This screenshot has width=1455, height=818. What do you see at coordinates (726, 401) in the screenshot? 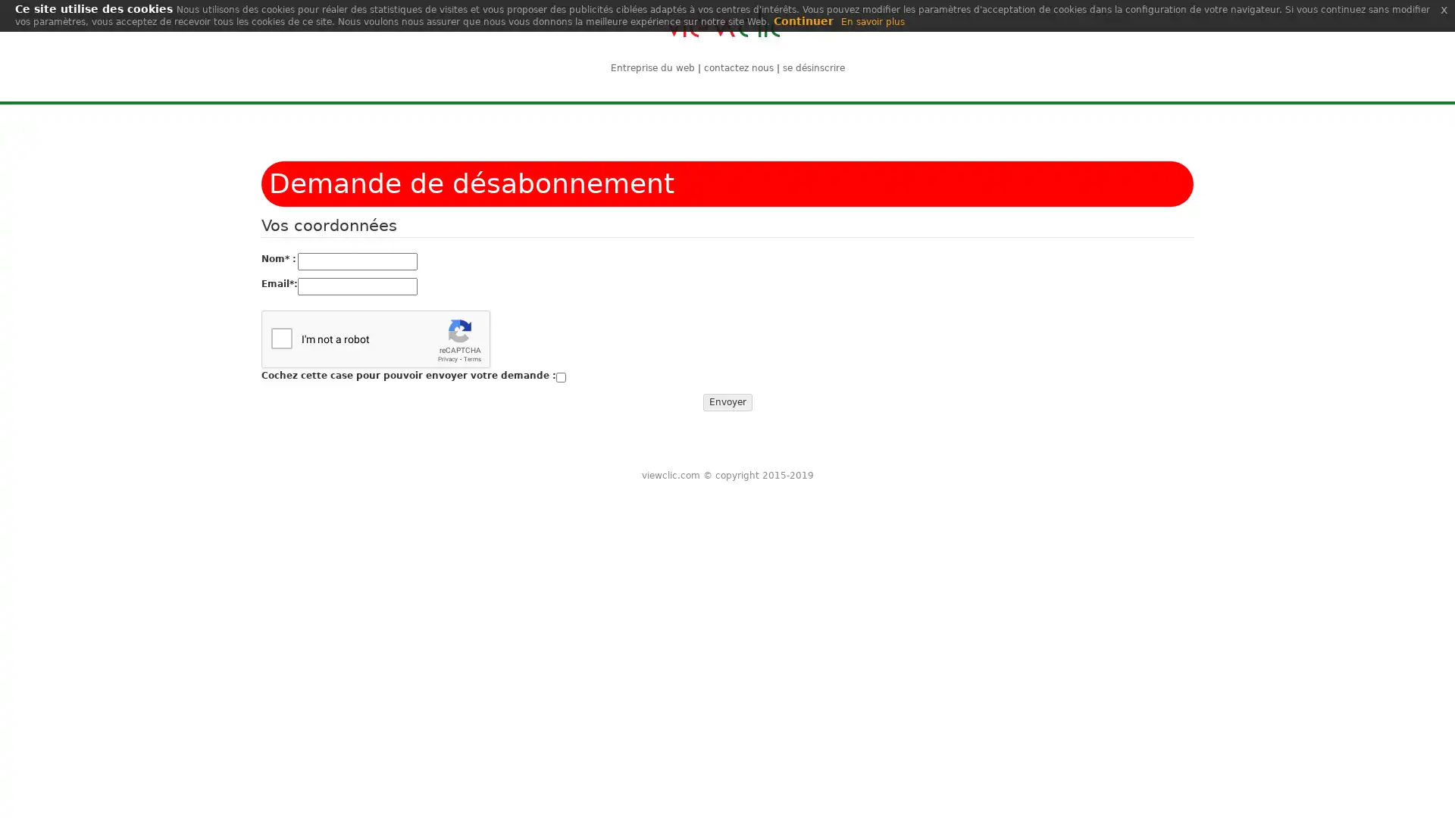
I see `Envoyer` at bounding box center [726, 401].